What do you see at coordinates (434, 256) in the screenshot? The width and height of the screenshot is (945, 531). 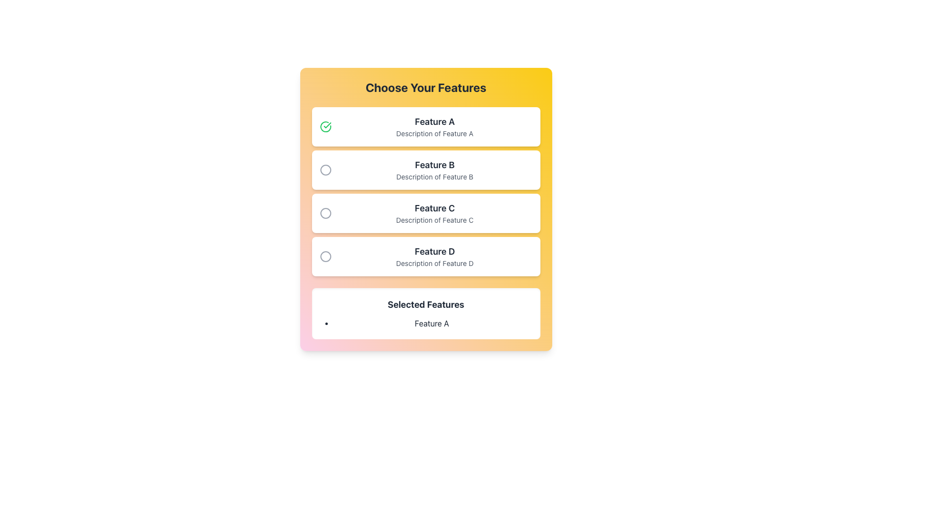 I see `the text component labeled 'Feature D' which includes a header and a subtitle, located in the fourth position of a vertically-stacked list` at bounding box center [434, 256].